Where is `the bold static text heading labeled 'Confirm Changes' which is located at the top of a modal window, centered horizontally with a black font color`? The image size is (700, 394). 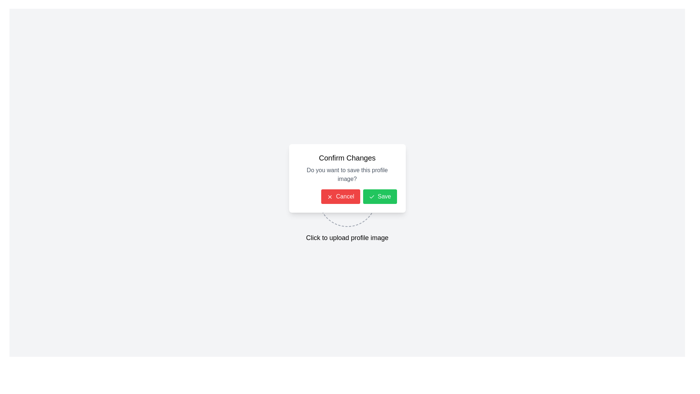 the bold static text heading labeled 'Confirm Changes' which is located at the top of a modal window, centered horizontally with a black font color is located at coordinates (347, 157).